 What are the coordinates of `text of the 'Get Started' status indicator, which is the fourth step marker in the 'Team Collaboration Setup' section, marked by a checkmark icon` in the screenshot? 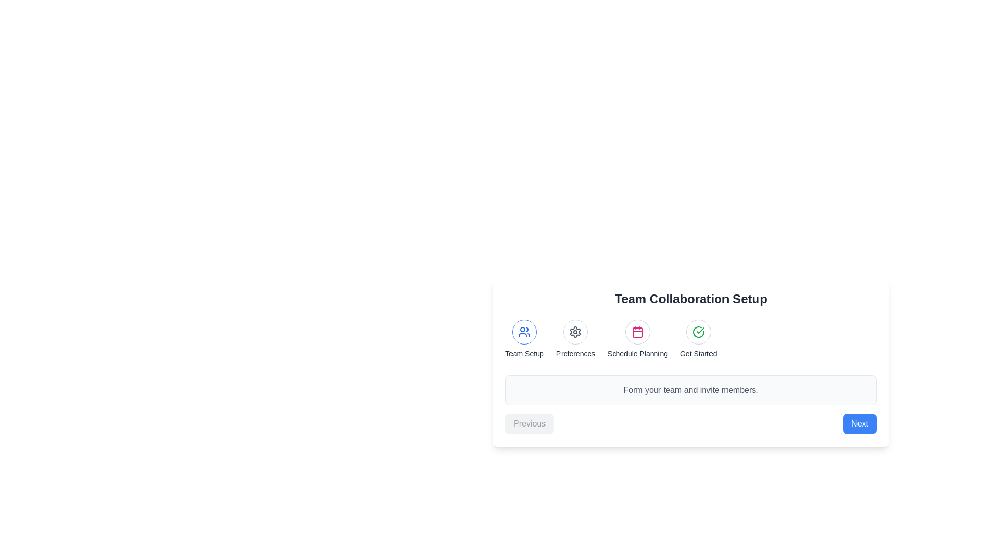 It's located at (698, 339).